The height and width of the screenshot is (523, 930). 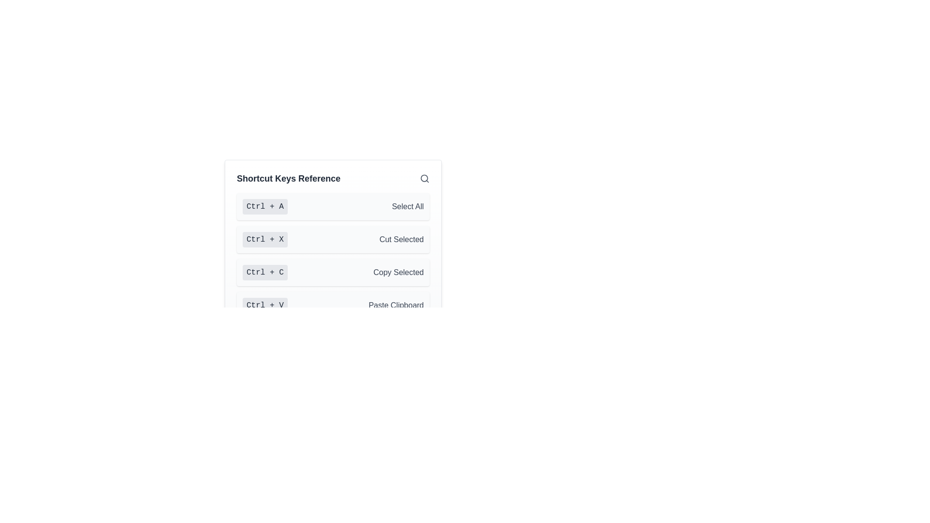 I want to click on the 'Copy Selected' text label element, which displays the text in gray color and is positioned to the right of the 'Ctrl + C' shortcut within the 'Shortcut Keys Reference' list, so click(x=398, y=273).